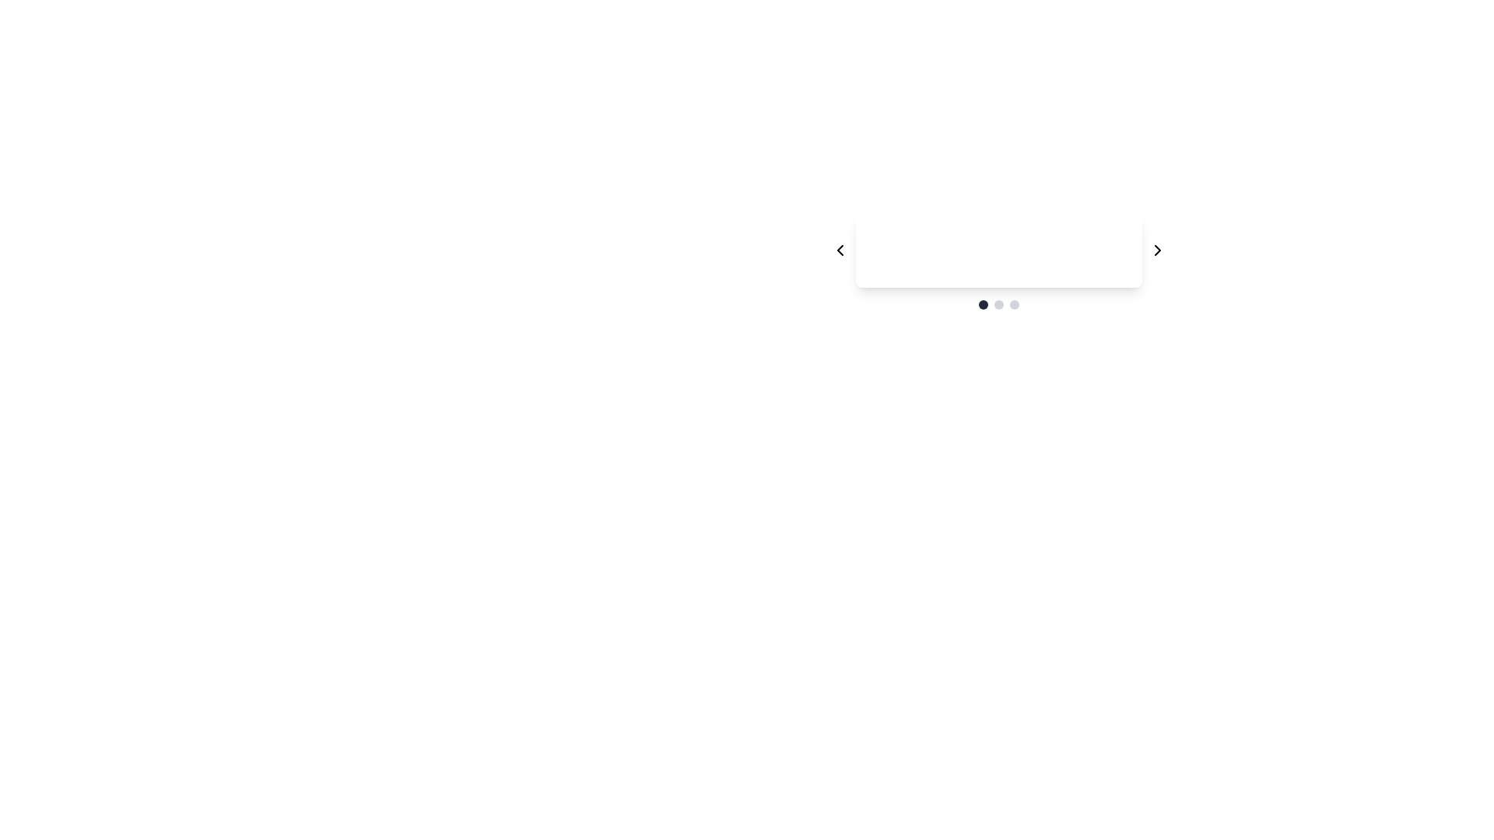 This screenshot has height=840, width=1494. Describe the element at coordinates (998, 305) in the screenshot. I see `the highlighted circle of the pagination indicator at the bottom center of the user profile card labeled 'Alice Engineer'` at that location.